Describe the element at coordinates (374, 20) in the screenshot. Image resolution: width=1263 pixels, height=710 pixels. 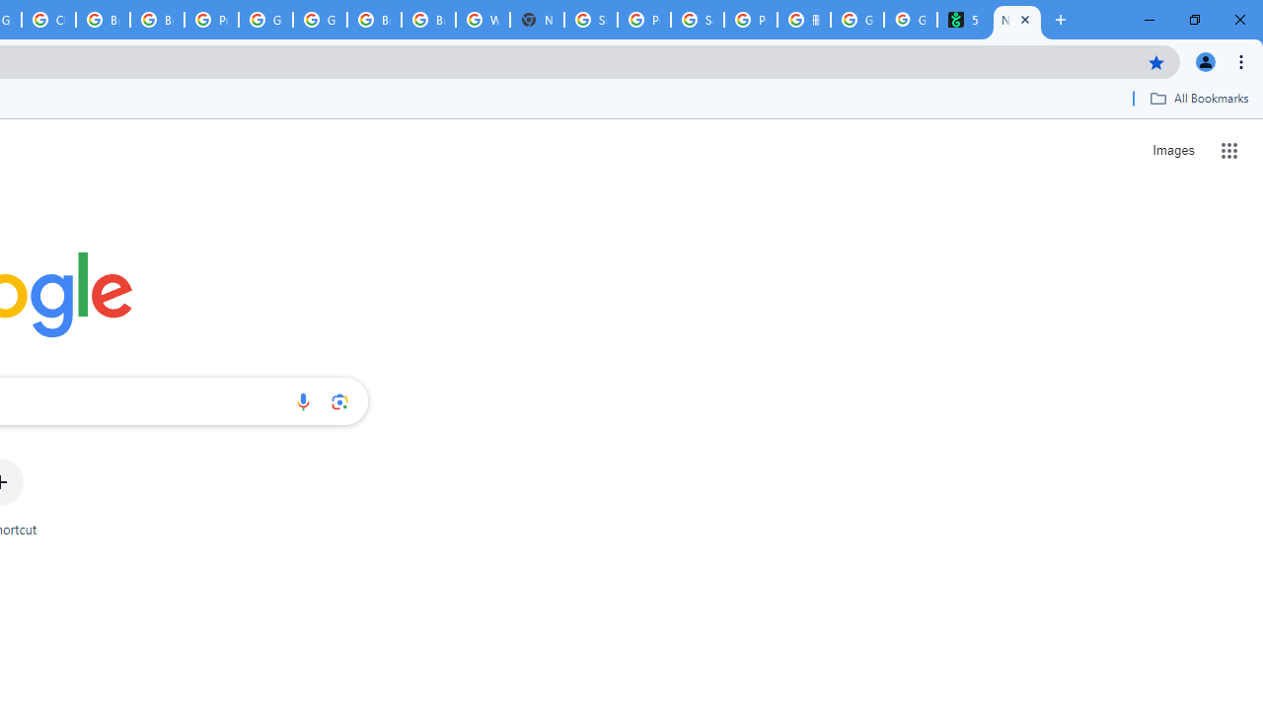
I see `'Browse Chrome as a guest - Computer - Google Chrome Help'` at that location.